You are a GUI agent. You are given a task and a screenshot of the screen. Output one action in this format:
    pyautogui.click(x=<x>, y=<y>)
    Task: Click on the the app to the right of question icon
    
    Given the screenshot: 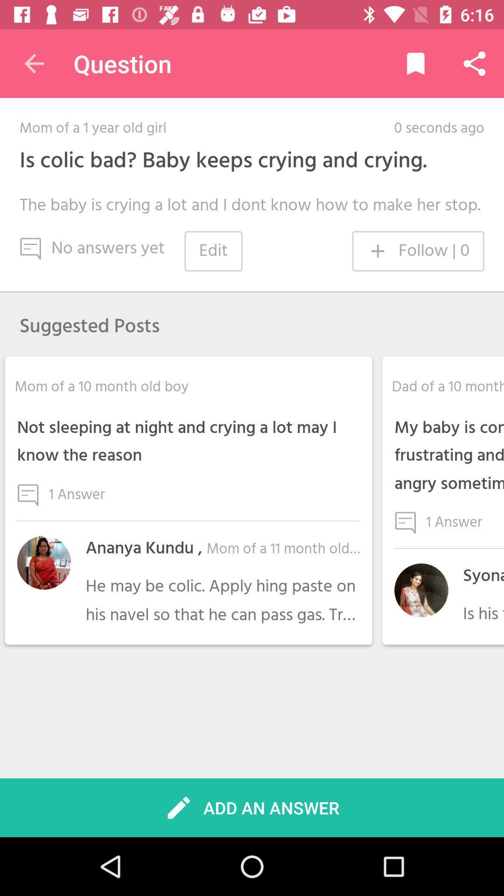 What is the action you would take?
    pyautogui.click(x=415, y=63)
    